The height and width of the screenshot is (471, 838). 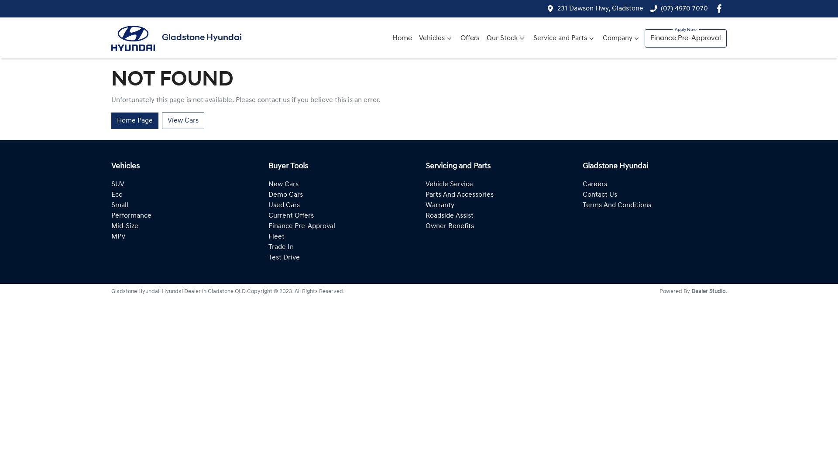 I want to click on 'Vehicle Service', so click(x=449, y=184).